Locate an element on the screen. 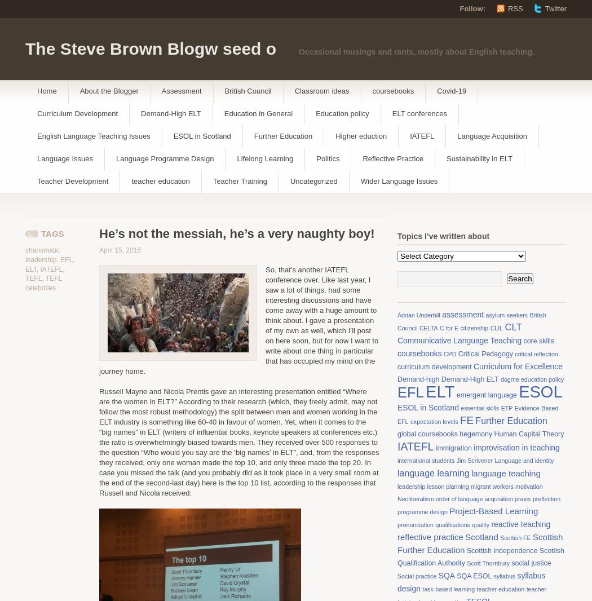 The image size is (592, 601). 'migrant workers' is located at coordinates (491, 487).